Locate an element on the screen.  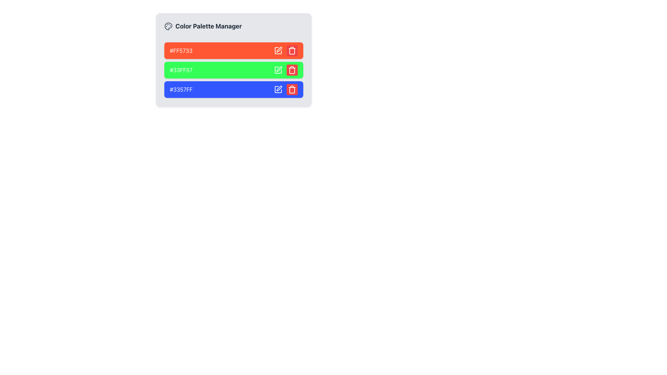
the middle section of the trash can icon, which is used as a delete symbol in the user interface, located in the right-hand side delete icon under the blue section is located at coordinates (292, 90).